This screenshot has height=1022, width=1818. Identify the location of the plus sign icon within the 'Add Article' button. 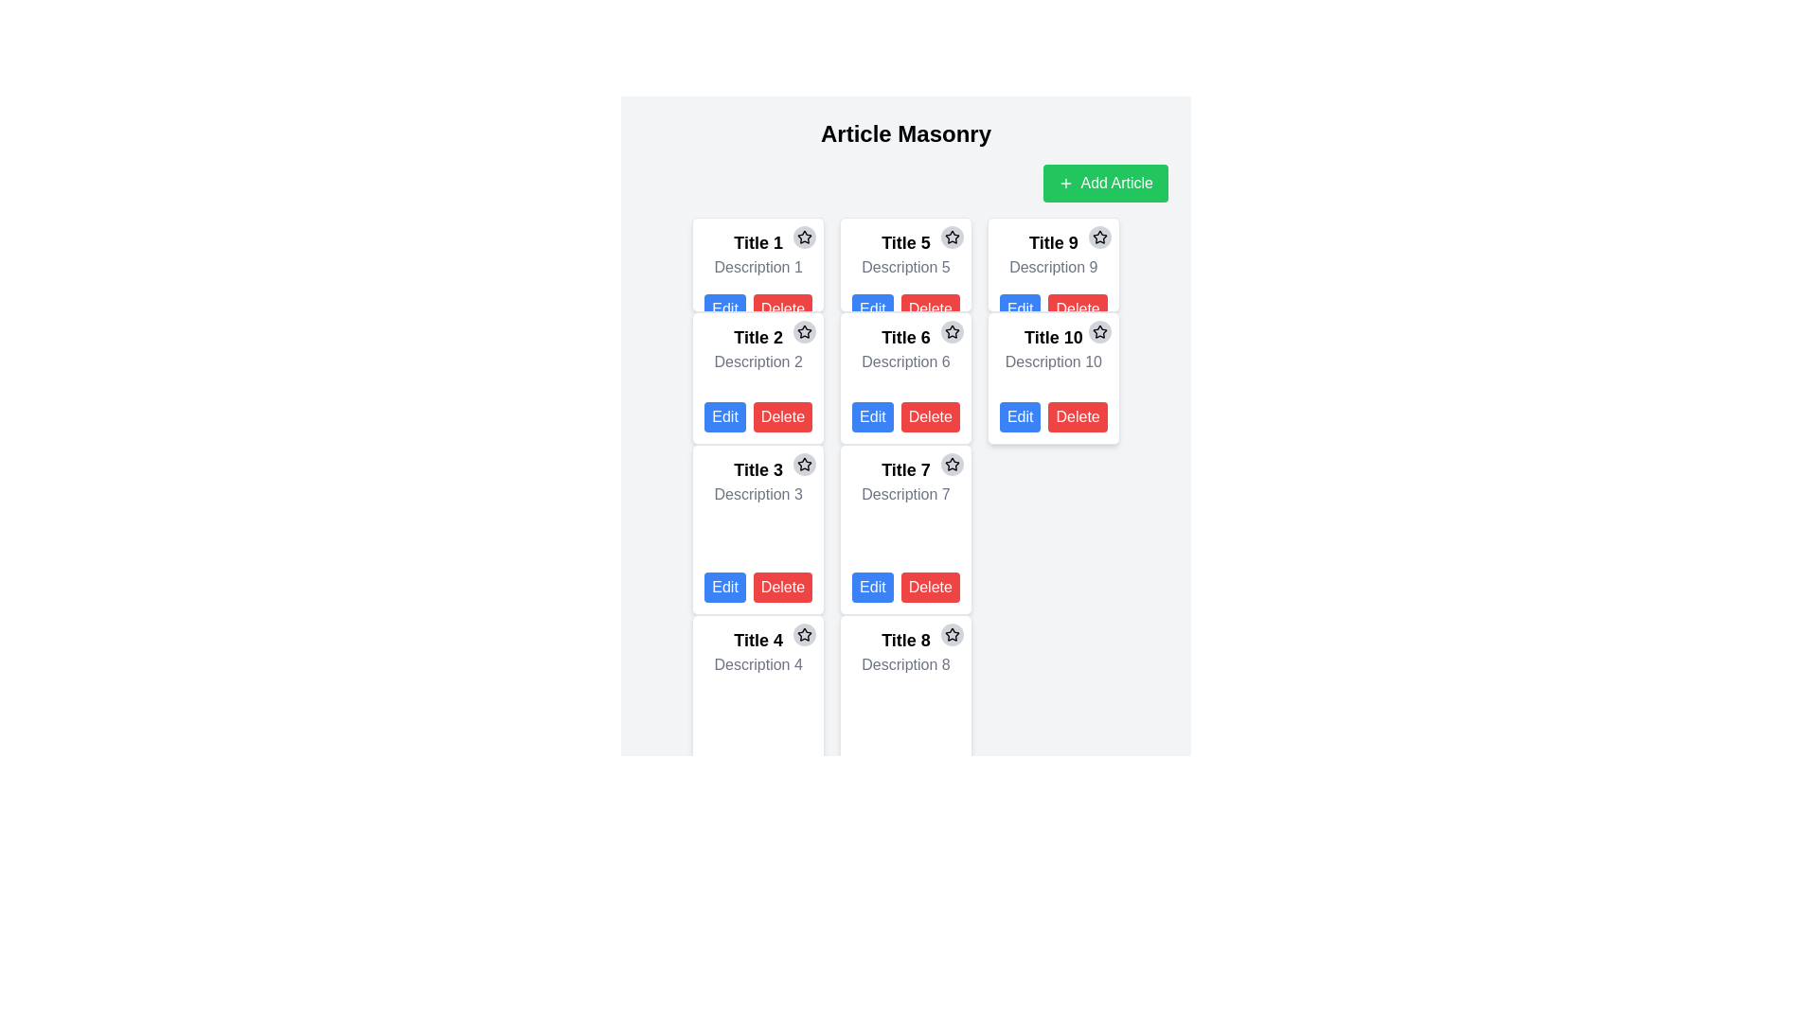
(1065, 183).